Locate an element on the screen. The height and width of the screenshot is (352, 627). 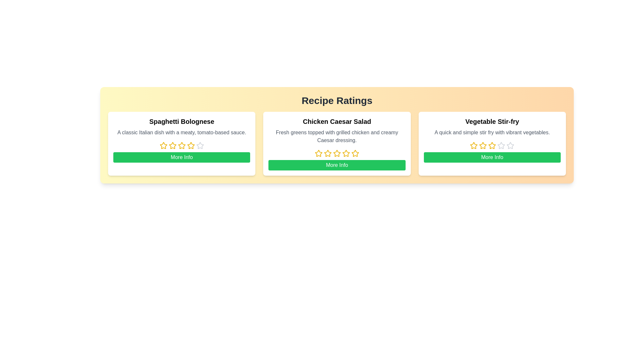
the 'More Info' button for the recipe identified by Chicken Caesar Salad is located at coordinates (337, 165).